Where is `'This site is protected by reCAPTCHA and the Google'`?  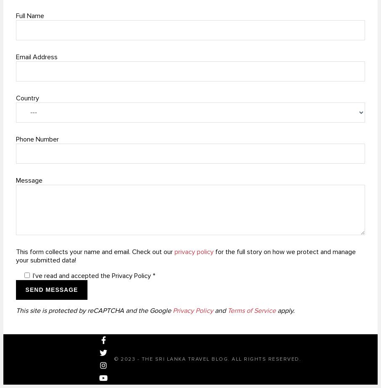
'This site is protected by reCAPTCHA and the Google' is located at coordinates (15, 310).